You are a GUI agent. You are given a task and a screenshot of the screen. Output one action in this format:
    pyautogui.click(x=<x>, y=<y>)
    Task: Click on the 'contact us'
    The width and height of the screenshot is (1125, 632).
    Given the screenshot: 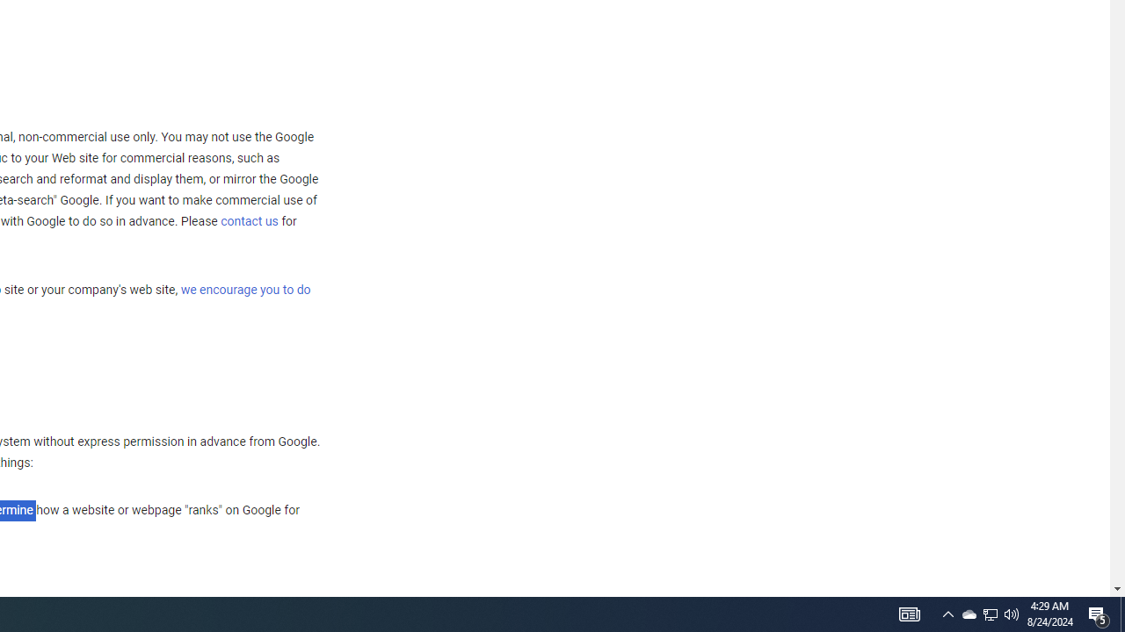 What is the action you would take?
    pyautogui.click(x=249, y=219)
    